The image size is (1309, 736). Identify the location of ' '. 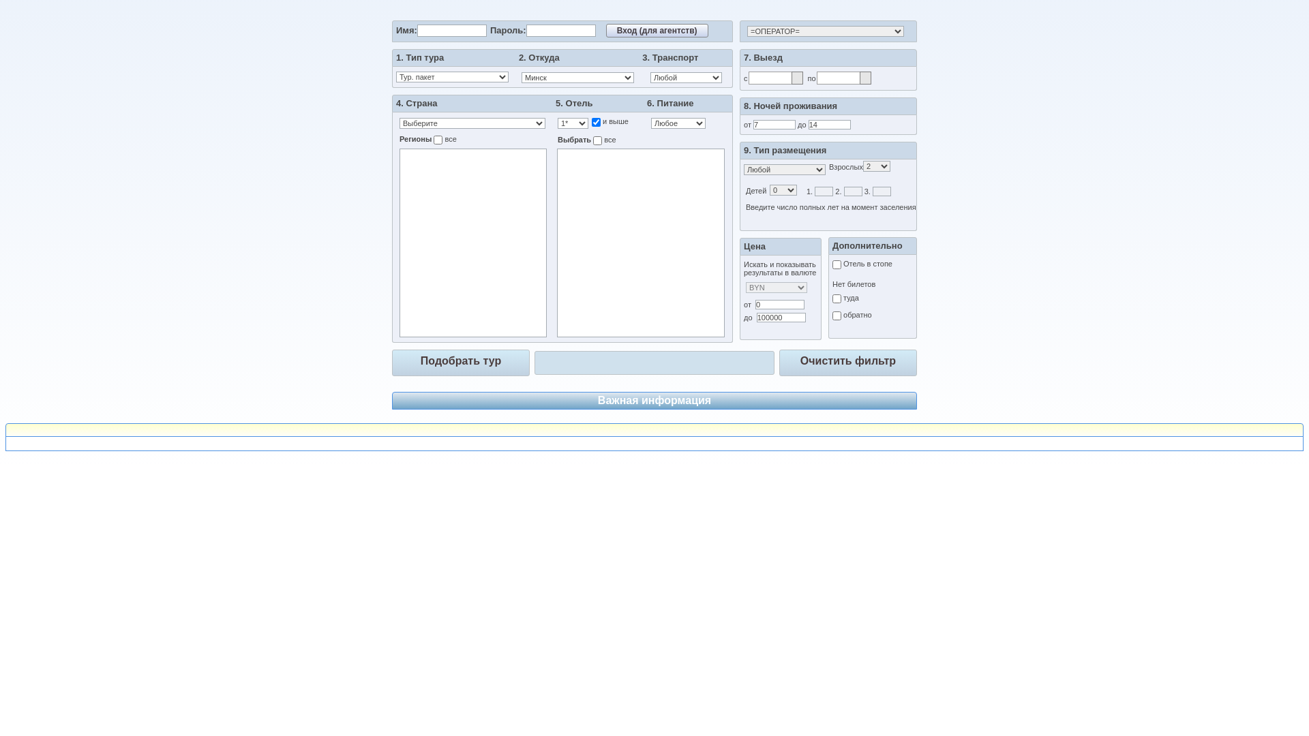
(654, 444).